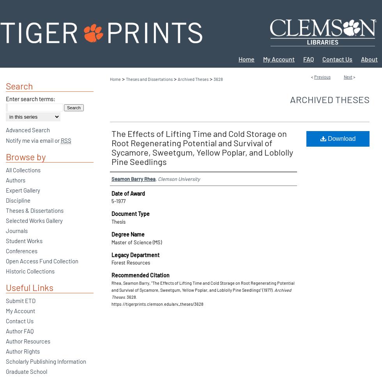 This screenshot has width=382, height=389. I want to click on 'Recommended Citation', so click(140, 275).